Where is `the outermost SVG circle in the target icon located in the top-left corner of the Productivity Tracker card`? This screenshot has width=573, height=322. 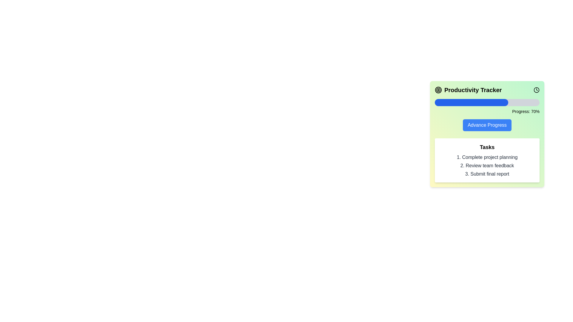
the outermost SVG circle in the target icon located in the top-left corner of the Productivity Tracker card is located at coordinates (438, 90).